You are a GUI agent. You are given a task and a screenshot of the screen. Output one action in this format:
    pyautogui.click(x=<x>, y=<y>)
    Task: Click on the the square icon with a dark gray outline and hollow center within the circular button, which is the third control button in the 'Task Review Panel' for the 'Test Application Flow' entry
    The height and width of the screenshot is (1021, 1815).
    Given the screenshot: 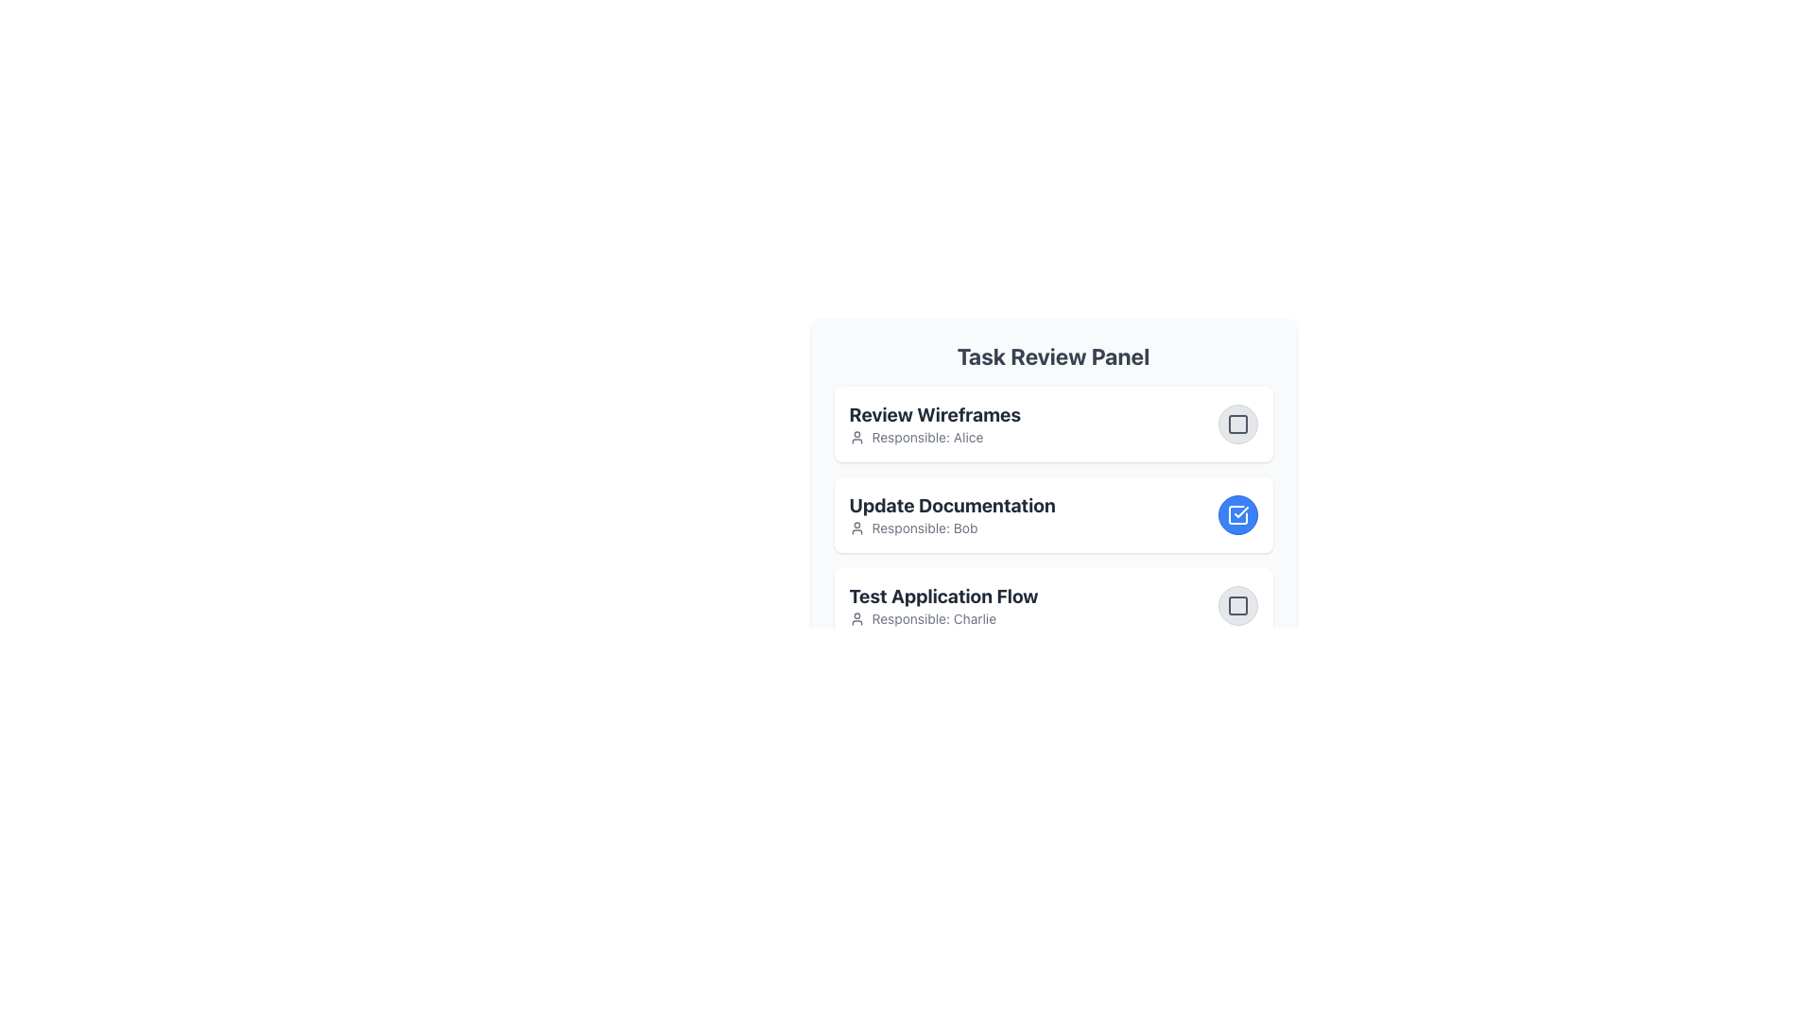 What is the action you would take?
    pyautogui.click(x=1237, y=605)
    